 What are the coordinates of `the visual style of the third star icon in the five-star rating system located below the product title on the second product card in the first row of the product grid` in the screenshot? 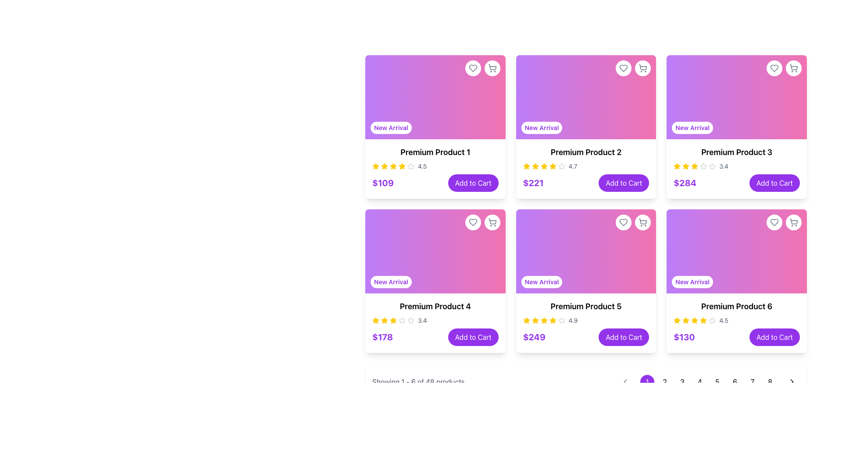 It's located at (543, 166).